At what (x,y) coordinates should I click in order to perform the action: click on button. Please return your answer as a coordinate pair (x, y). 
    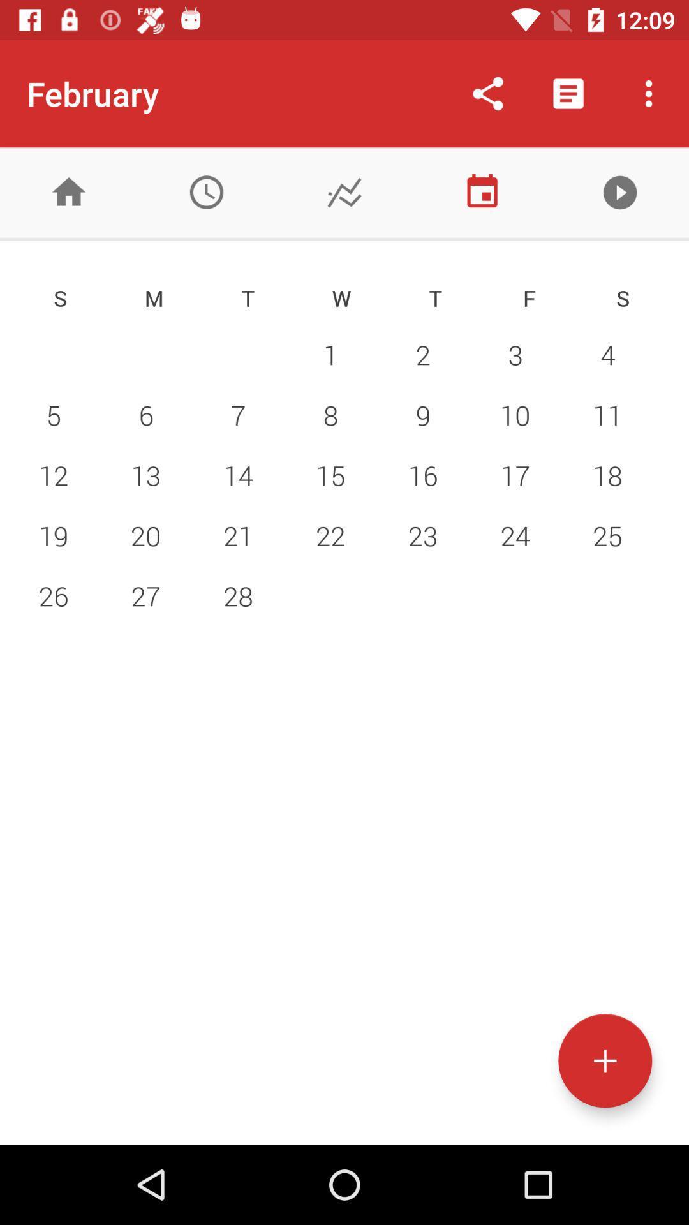
    Looking at the image, I should click on (619, 191).